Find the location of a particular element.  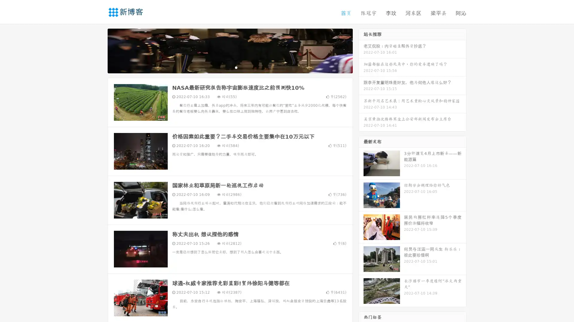

Go to slide 2 is located at coordinates (230, 67).